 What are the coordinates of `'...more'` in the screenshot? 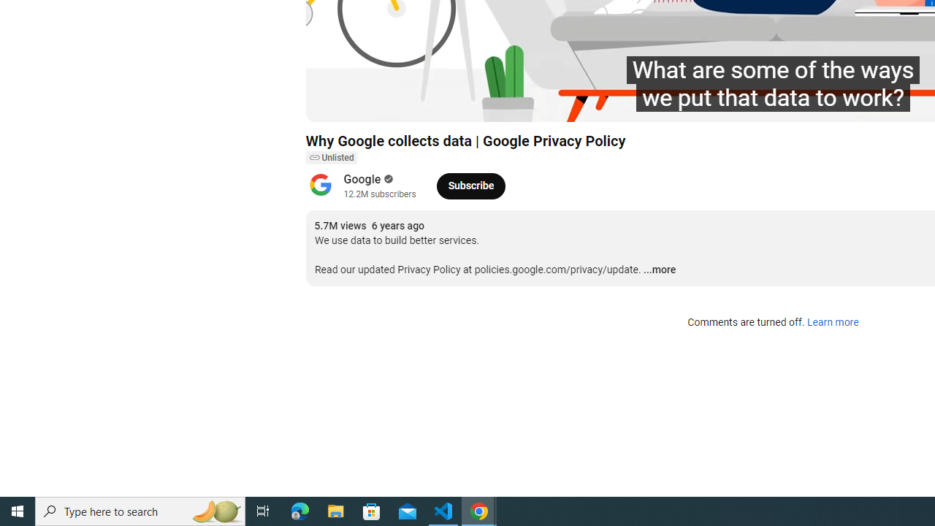 It's located at (659, 270).